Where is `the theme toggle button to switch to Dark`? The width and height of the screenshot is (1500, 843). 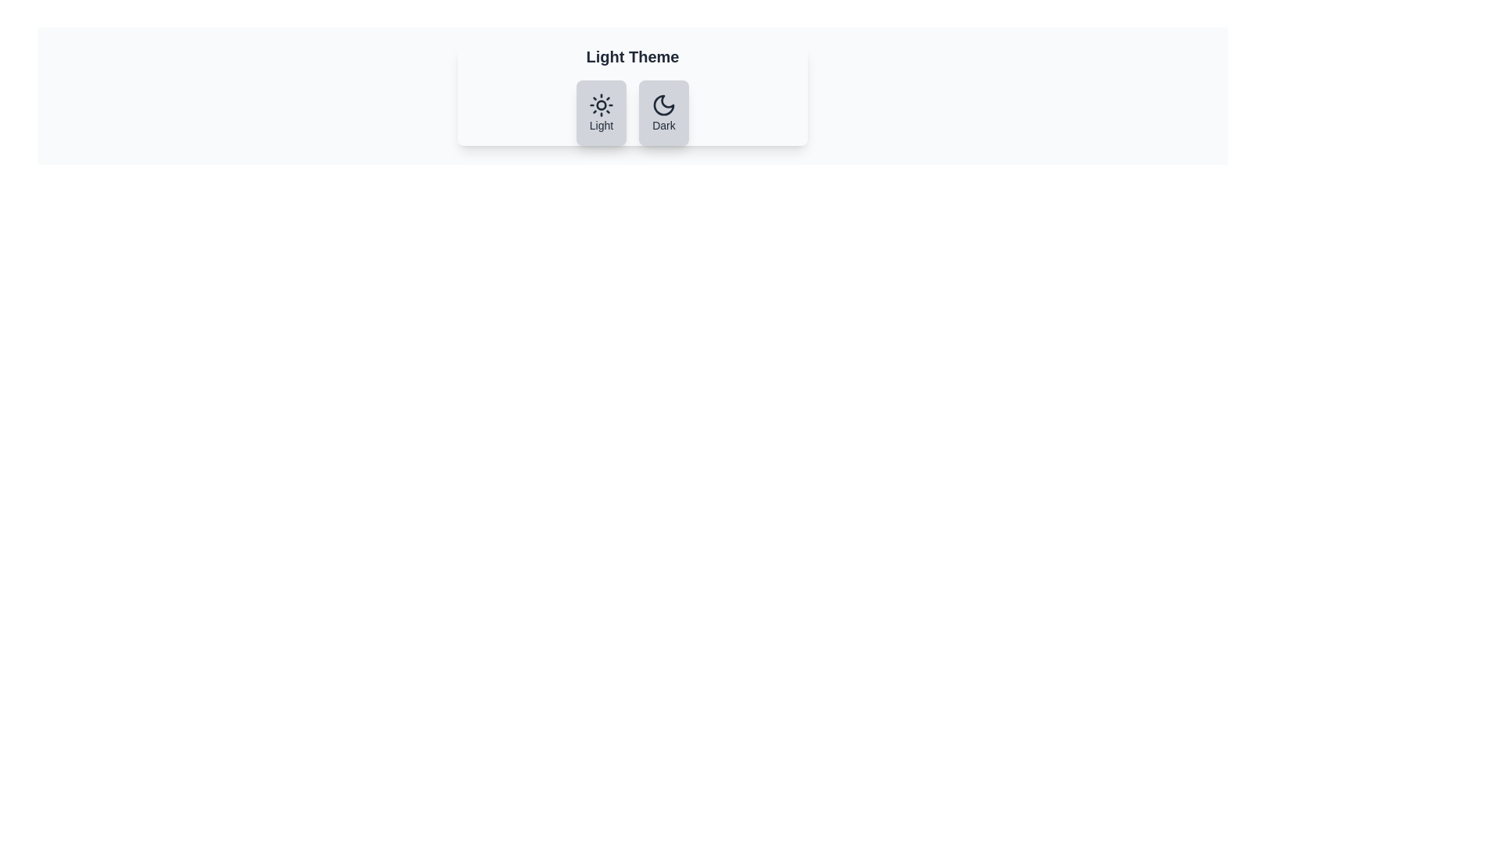 the theme toggle button to switch to Dark is located at coordinates (663, 112).